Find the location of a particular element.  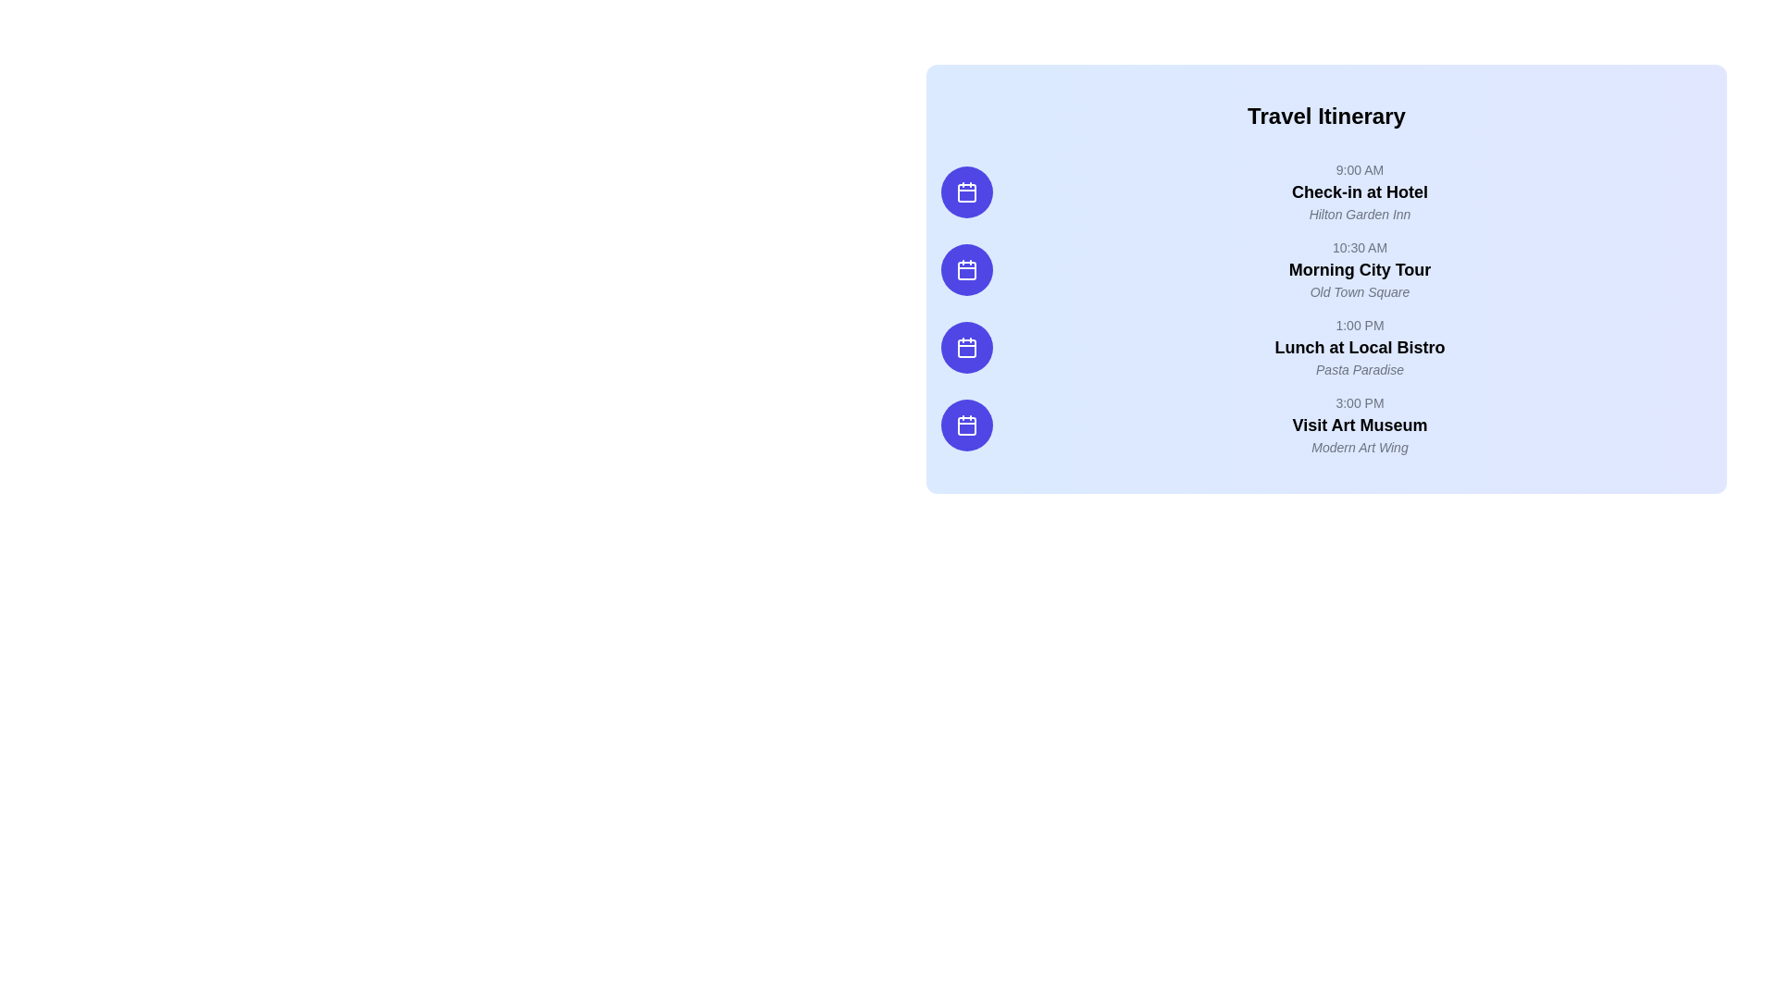

text content of the timeline entry displaying '10:30 AM', 'Morning City Tour', and 'Old Town Square', which is located below the '9:00 AM' entry and above the '1:00 PM' entry is located at coordinates (1325, 270).